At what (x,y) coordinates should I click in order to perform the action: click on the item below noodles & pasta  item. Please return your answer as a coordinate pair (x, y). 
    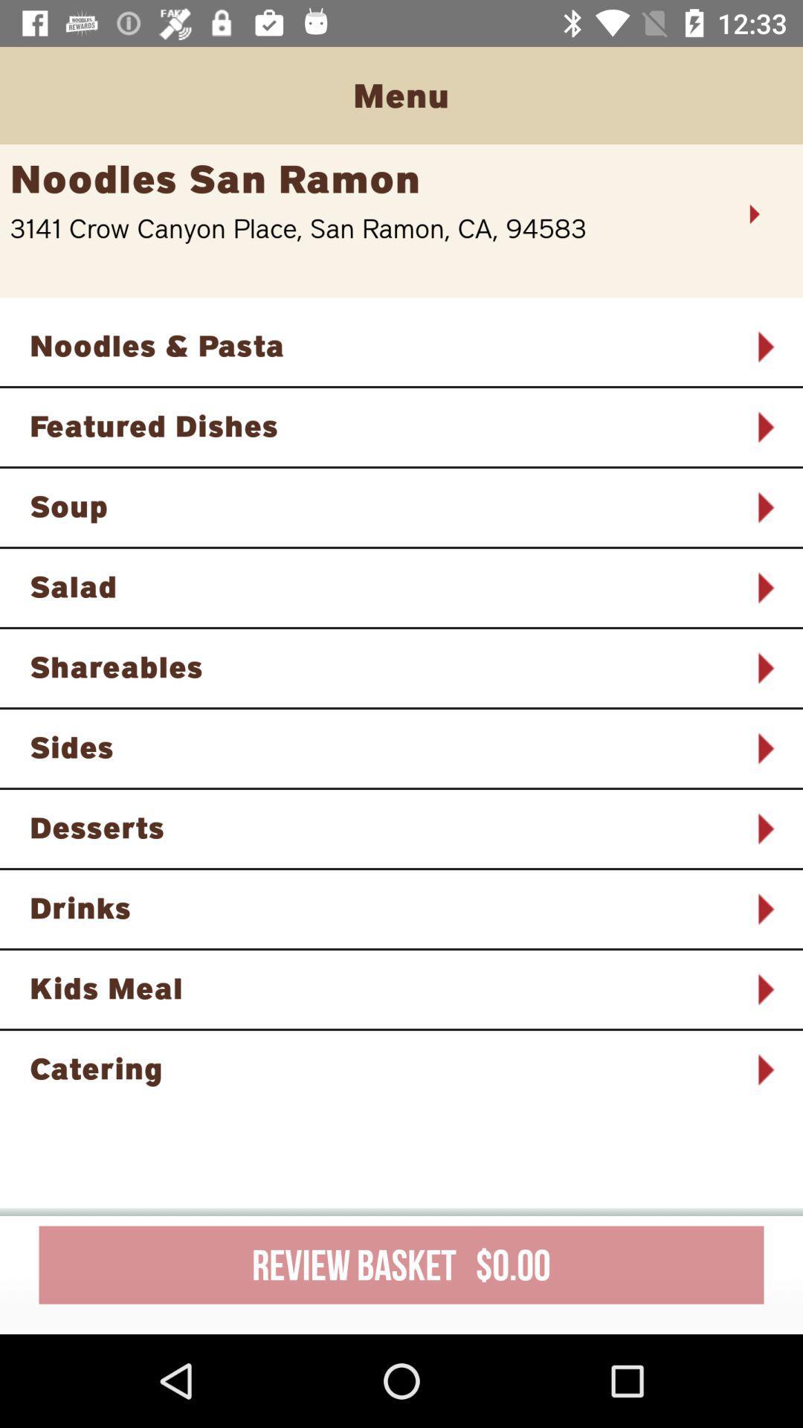
    Looking at the image, I should click on (381, 425).